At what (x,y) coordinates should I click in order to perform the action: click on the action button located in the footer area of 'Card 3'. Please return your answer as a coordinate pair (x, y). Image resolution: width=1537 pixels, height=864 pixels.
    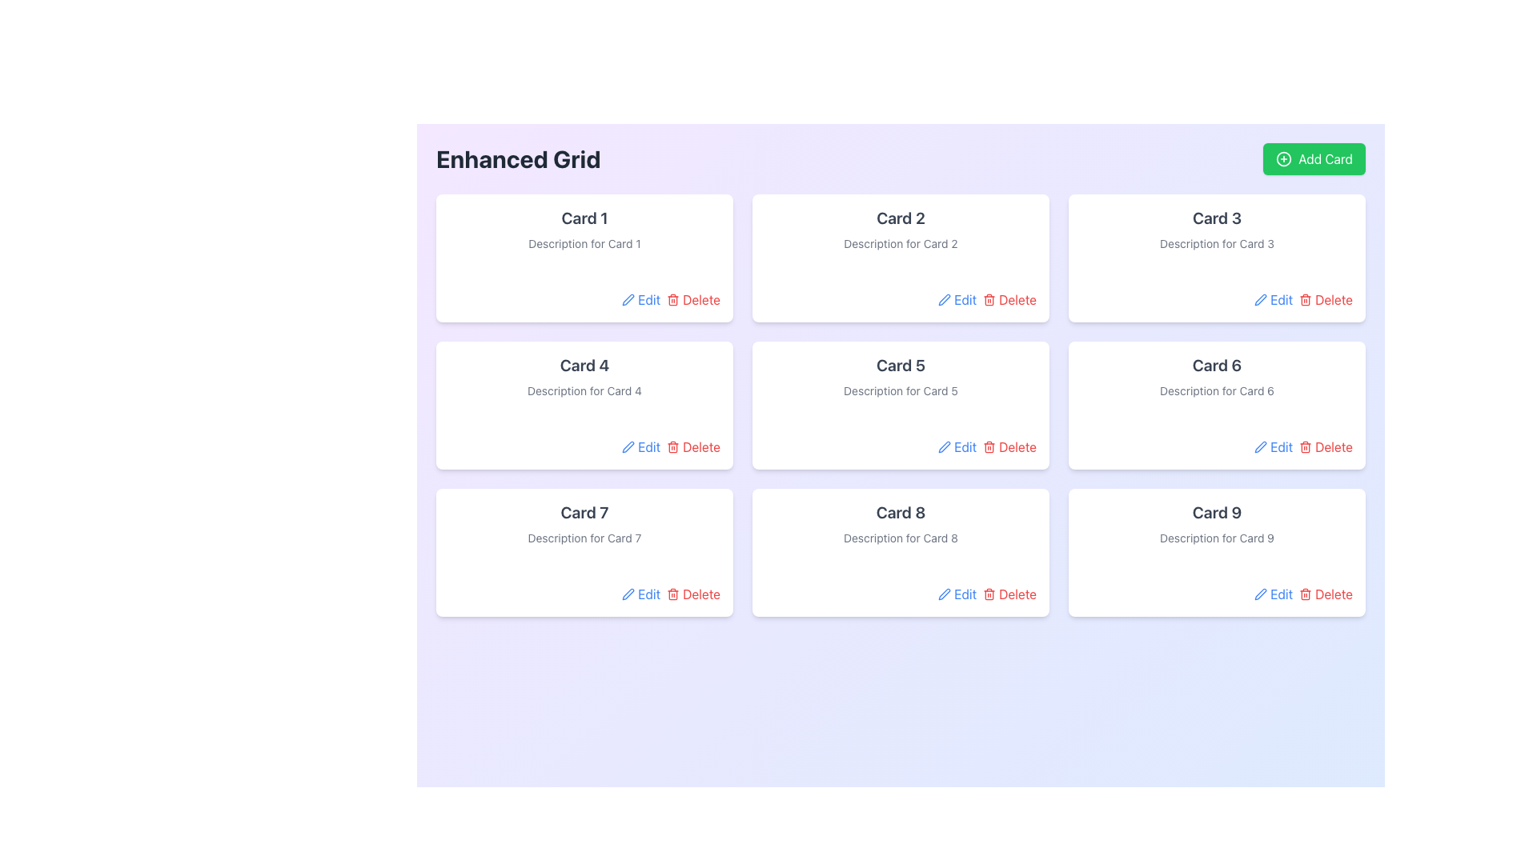
    Looking at the image, I should click on (1273, 299).